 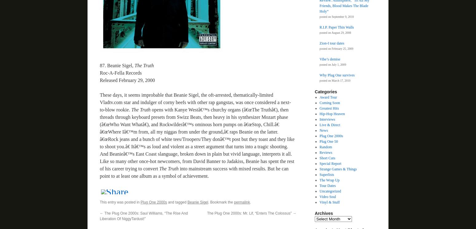 I want to click on 'permalink', so click(x=241, y=202).